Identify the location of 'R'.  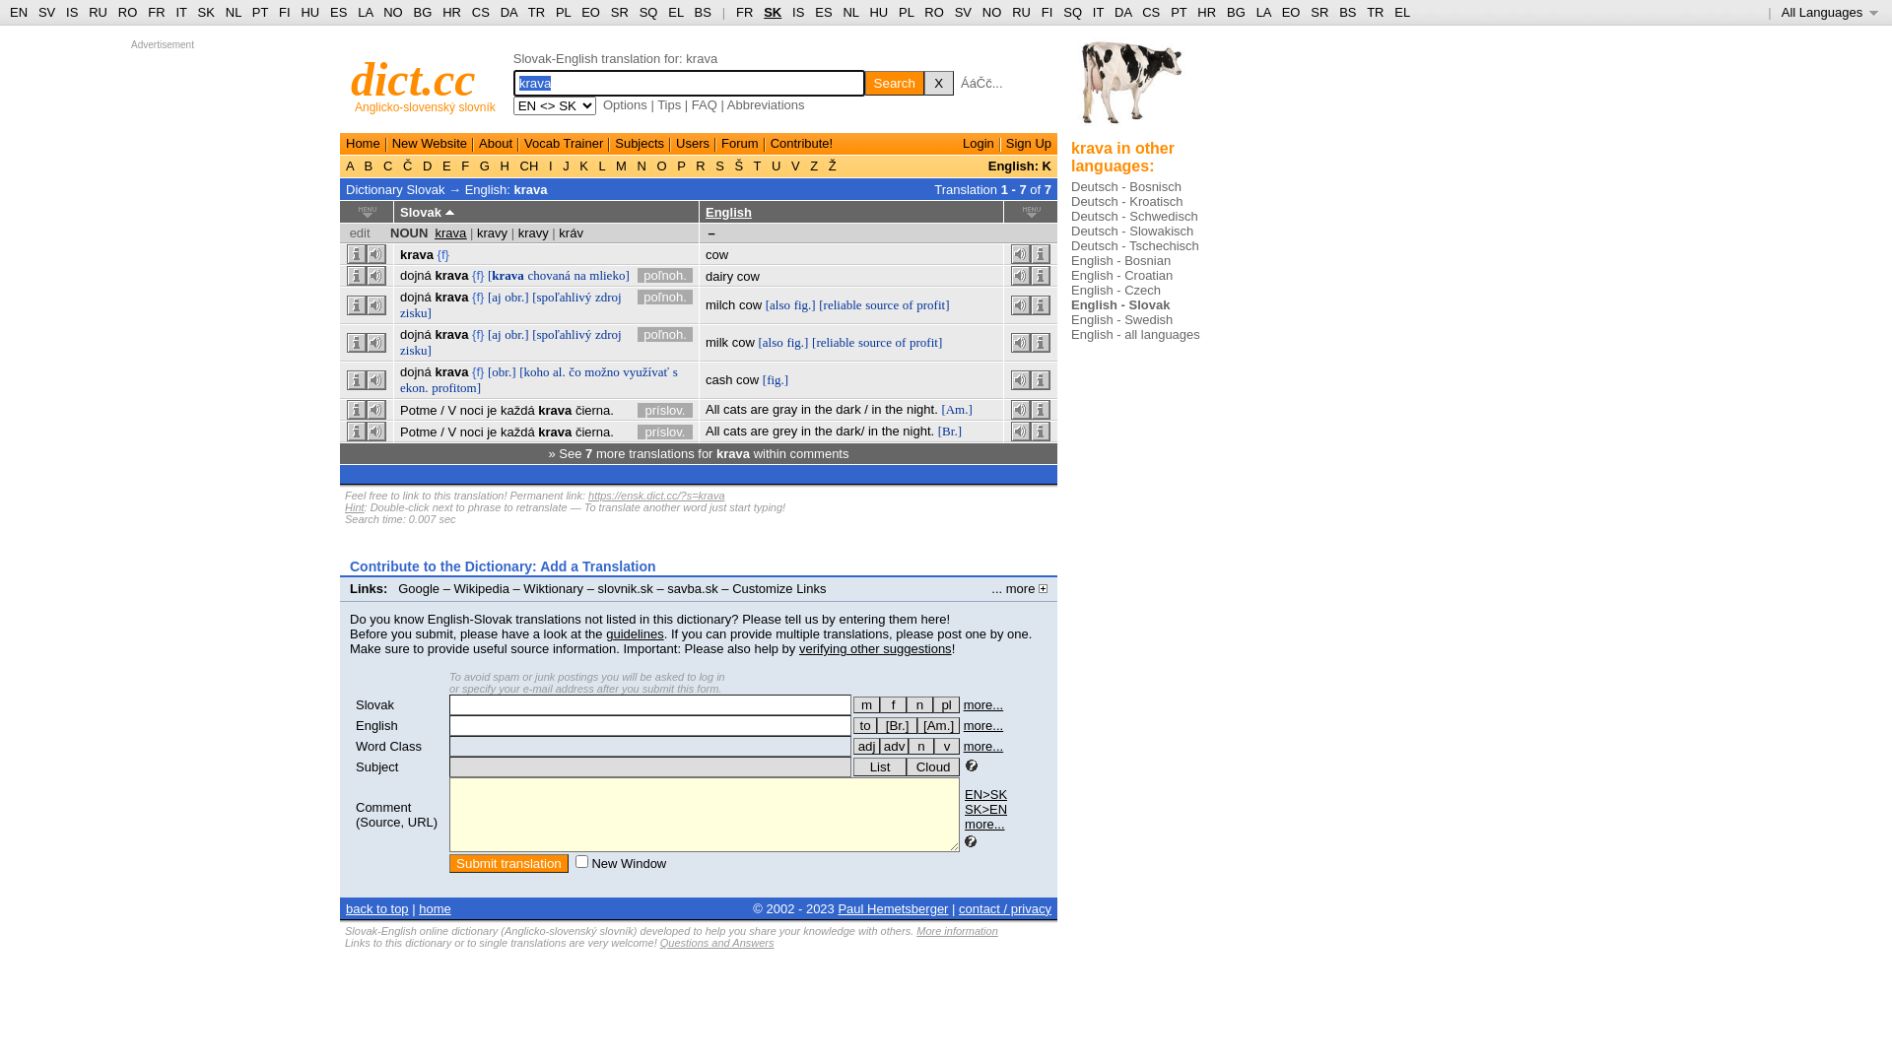
(701, 165).